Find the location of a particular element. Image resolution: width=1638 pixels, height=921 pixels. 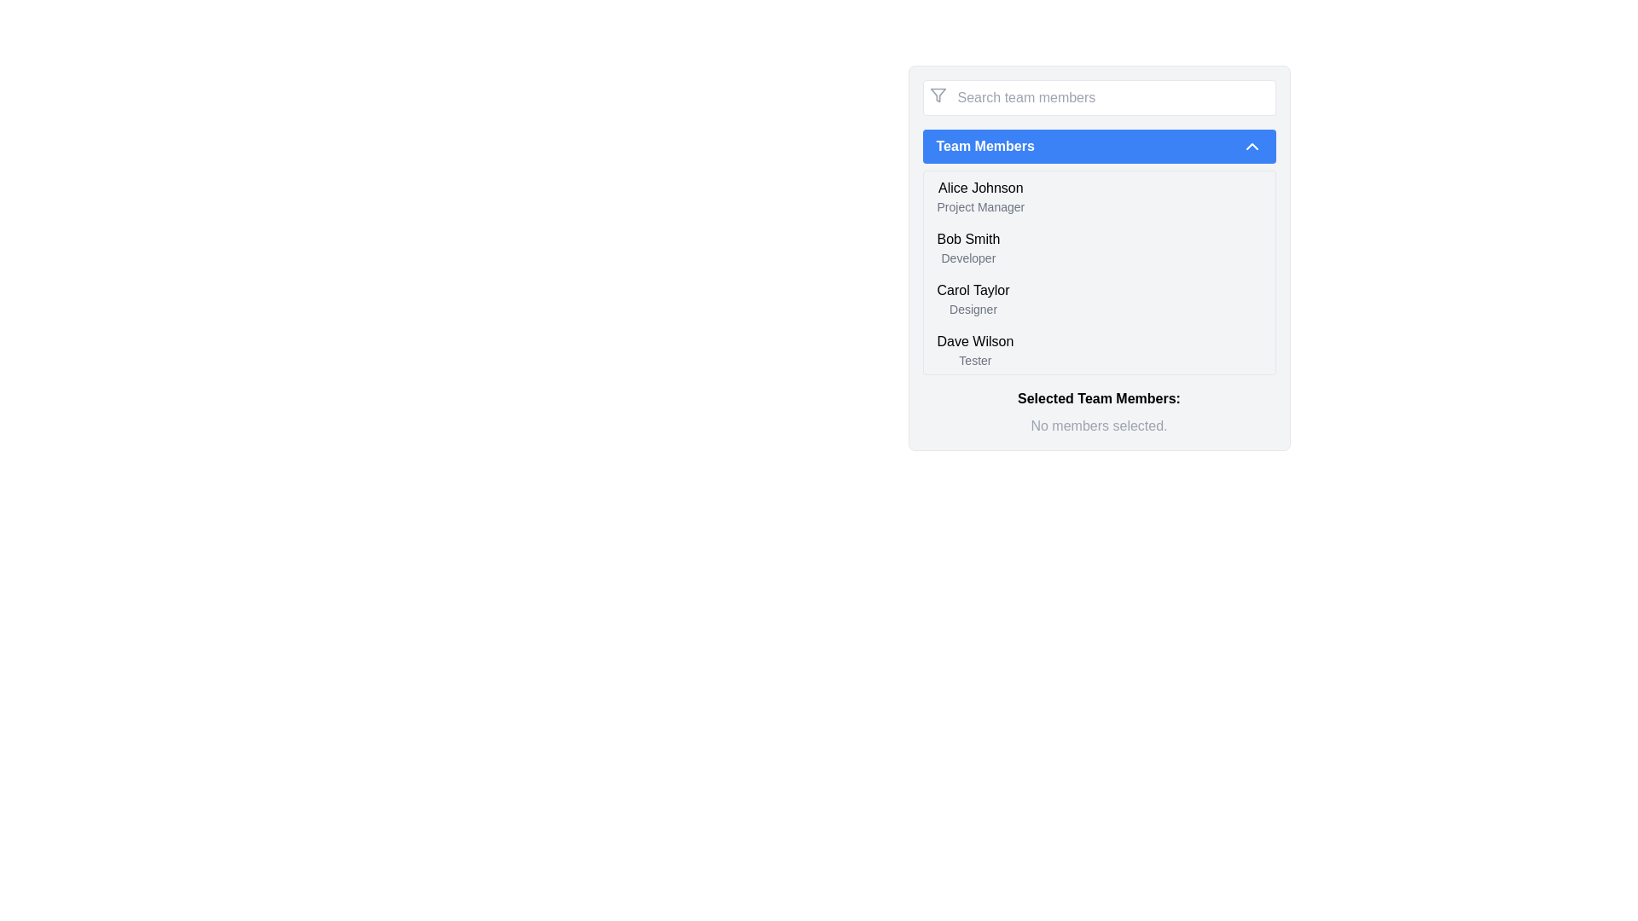

the static text label that describes the role or title associated with 'Alice Johnson', located in the middle of the 'Team Members' list box is located at coordinates (980, 206).